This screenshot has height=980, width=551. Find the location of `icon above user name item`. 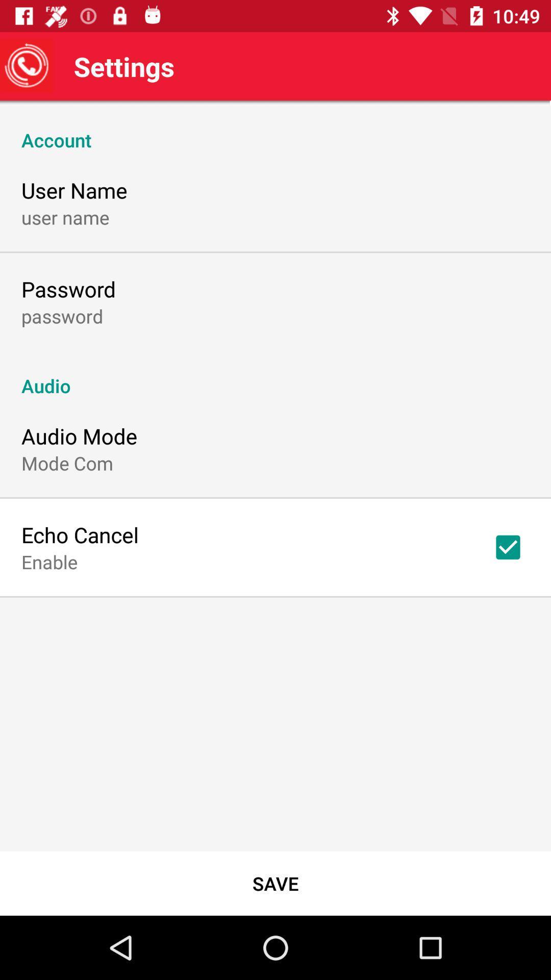

icon above user name item is located at coordinates (275, 129).